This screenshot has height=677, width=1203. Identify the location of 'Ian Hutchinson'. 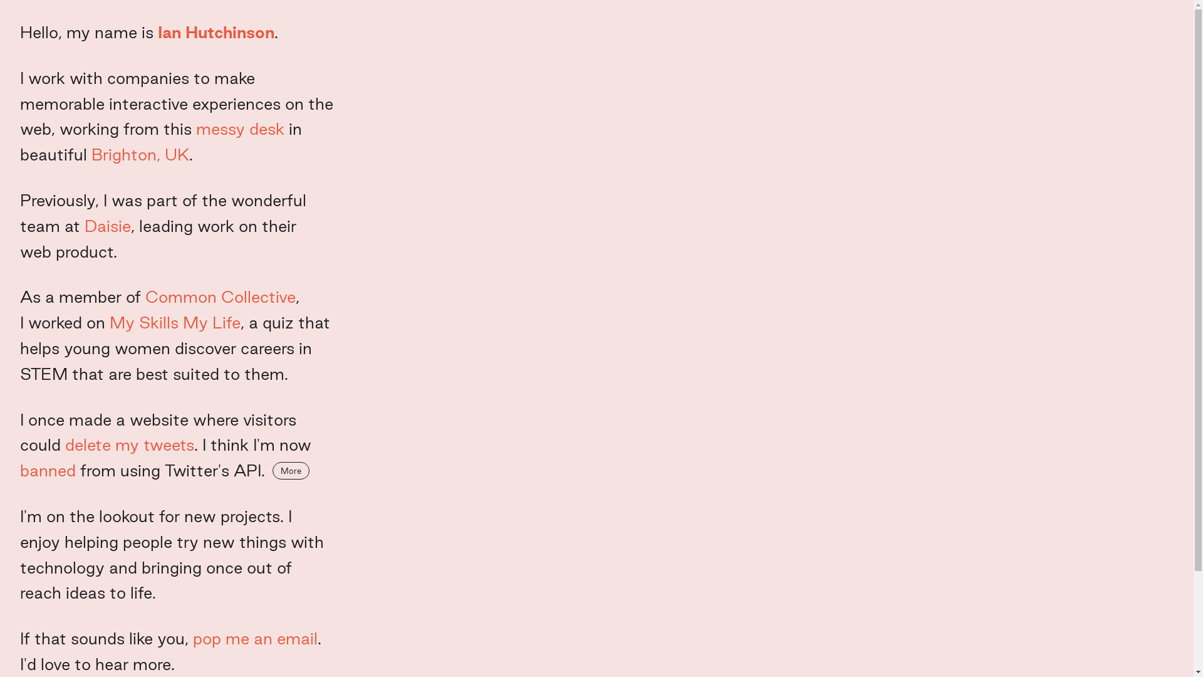
(157, 31).